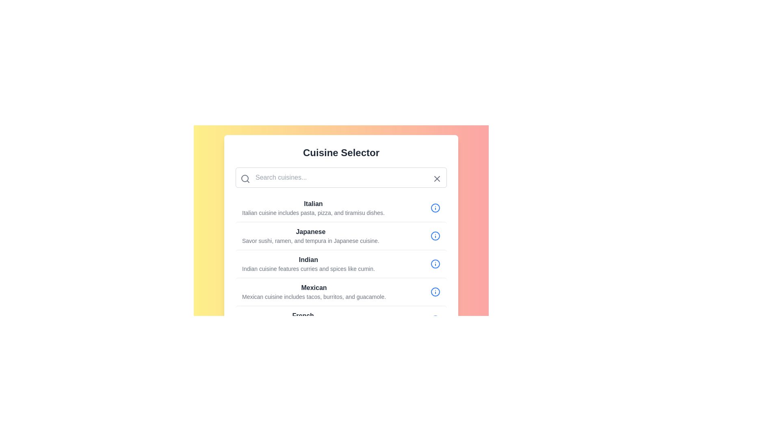  Describe the element at coordinates (435, 236) in the screenshot. I see `the primary circular SVG element that serves as a visual anchor for the information icon, located to the right of the text 'Savor sushi, ramen, and tempura in Japanese cuisine' in the list entry for 'Japanese' cuisine` at that location.